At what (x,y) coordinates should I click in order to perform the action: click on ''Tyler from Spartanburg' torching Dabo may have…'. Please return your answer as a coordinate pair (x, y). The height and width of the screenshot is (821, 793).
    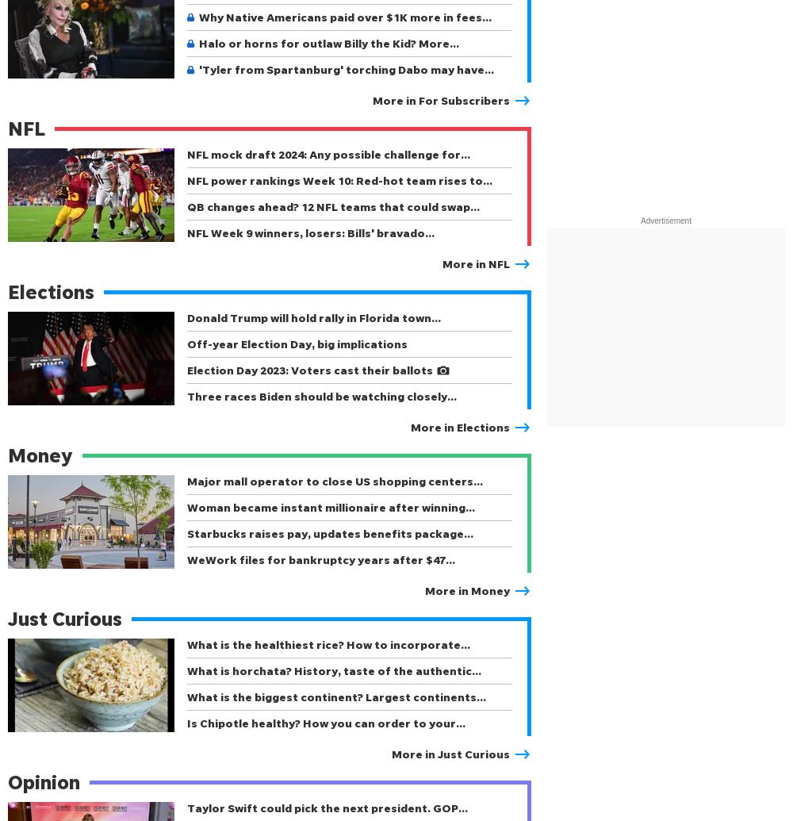
    Looking at the image, I should click on (199, 69).